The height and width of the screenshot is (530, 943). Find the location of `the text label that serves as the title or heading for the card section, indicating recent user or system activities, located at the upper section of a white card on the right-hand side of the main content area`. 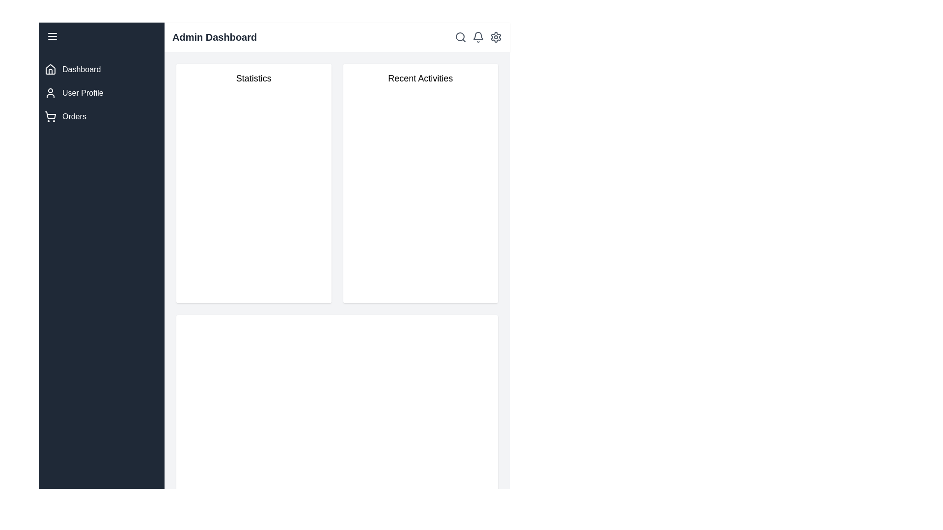

the text label that serves as the title or heading for the card section, indicating recent user or system activities, located at the upper section of a white card on the right-hand side of the main content area is located at coordinates (420, 78).